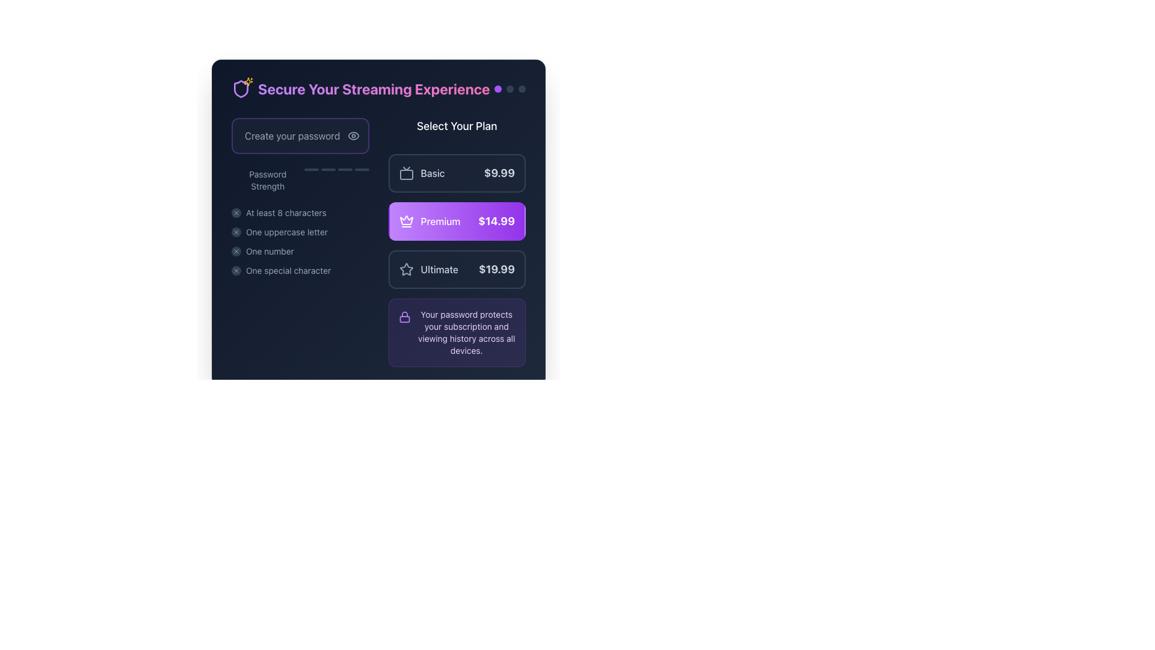 The width and height of the screenshot is (1155, 650). Describe the element at coordinates (300, 232) in the screenshot. I see `keyboard navigation` at that location.